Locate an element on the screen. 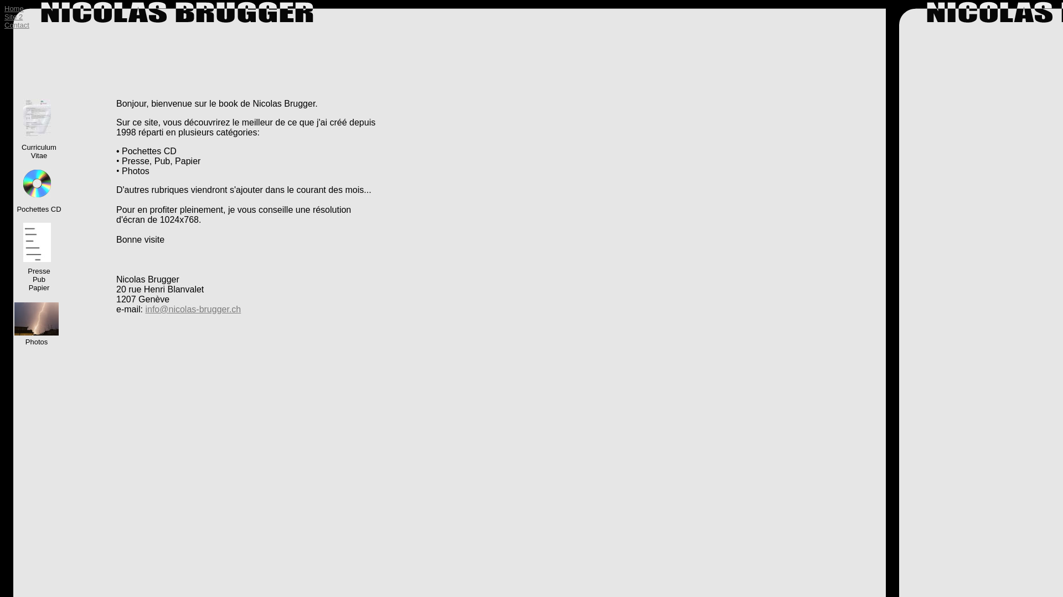  'Site 2' is located at coordinates (13, 17).